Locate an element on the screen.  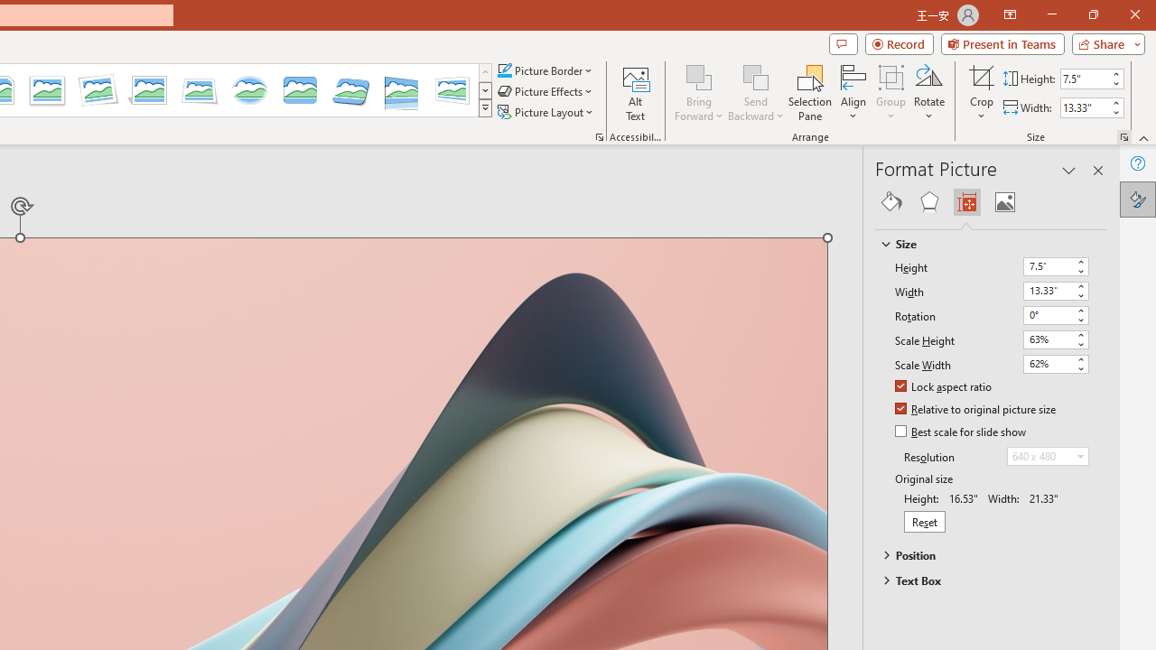
'Picture Layout' is located at coordinates (546, 112).